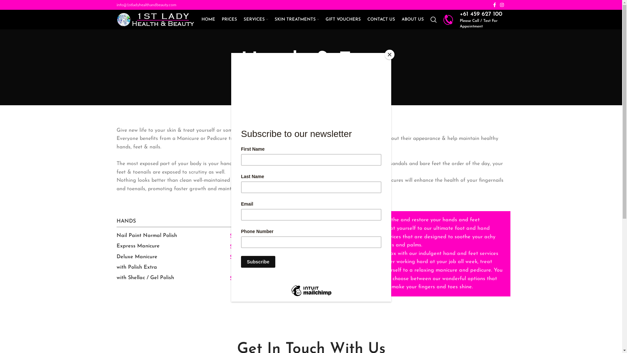 Image resolution: width=627 pixels, height=353 pixels. Describe the element at coordinates (298, 81) in the screenshot. I see `'HOME'` at that location.